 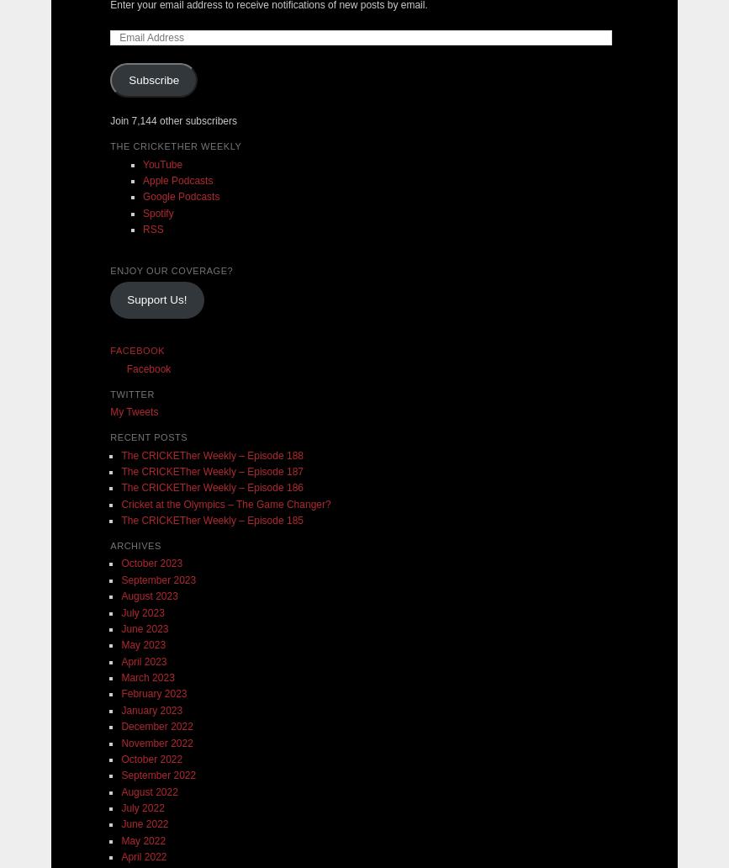 I want to click on 'April 2022', so click(x=143, y=855).